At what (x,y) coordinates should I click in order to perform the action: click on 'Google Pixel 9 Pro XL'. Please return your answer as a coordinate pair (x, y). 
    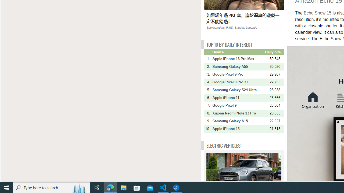
    Looking at the image, I should click on (238, 82).